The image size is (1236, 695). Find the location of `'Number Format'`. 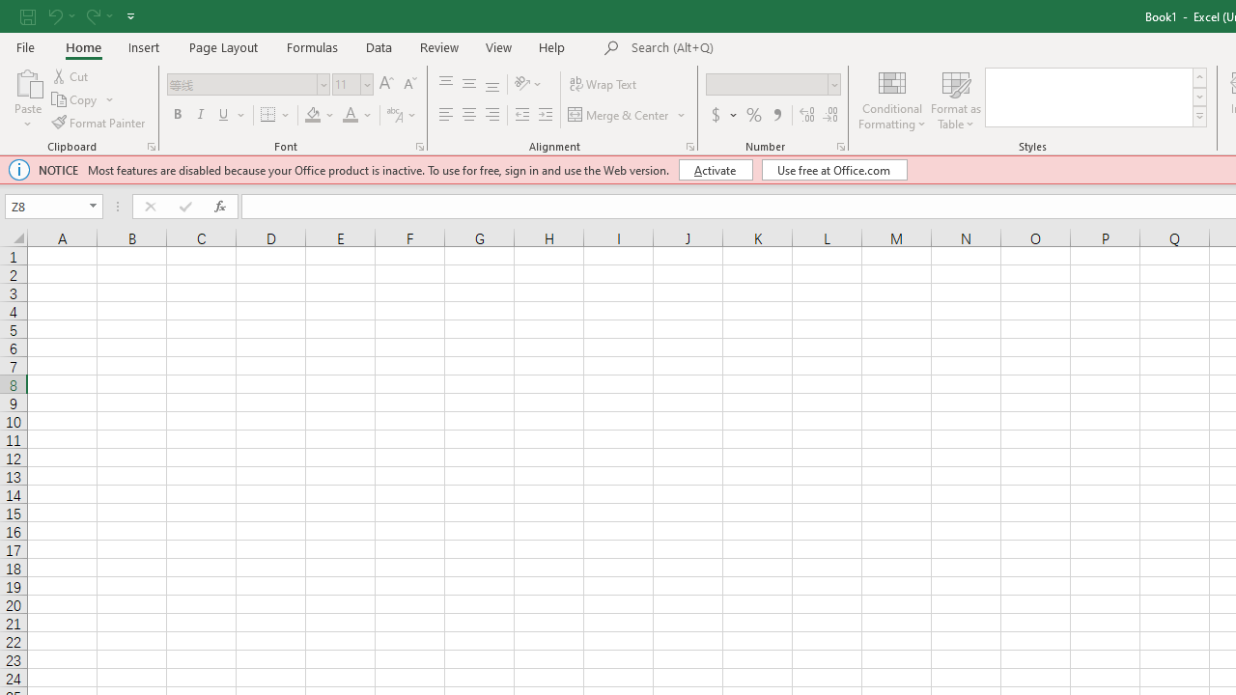

'Number Format' is located at coordinates (772, 83).